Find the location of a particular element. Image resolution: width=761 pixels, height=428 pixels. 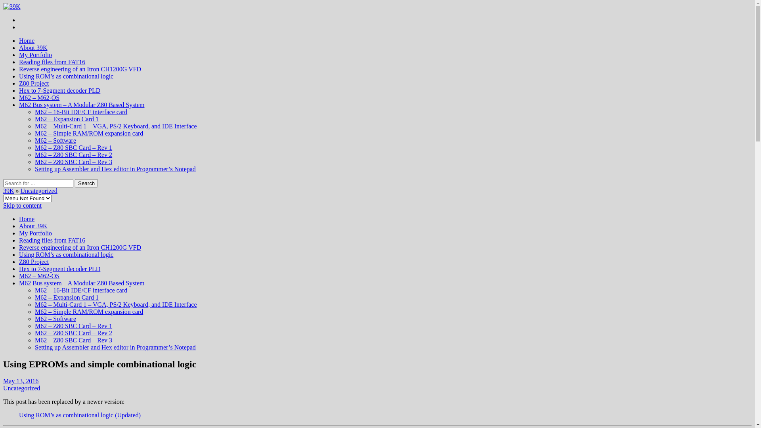

'Reading files from FAT16' is located at coordinates (52, 61).